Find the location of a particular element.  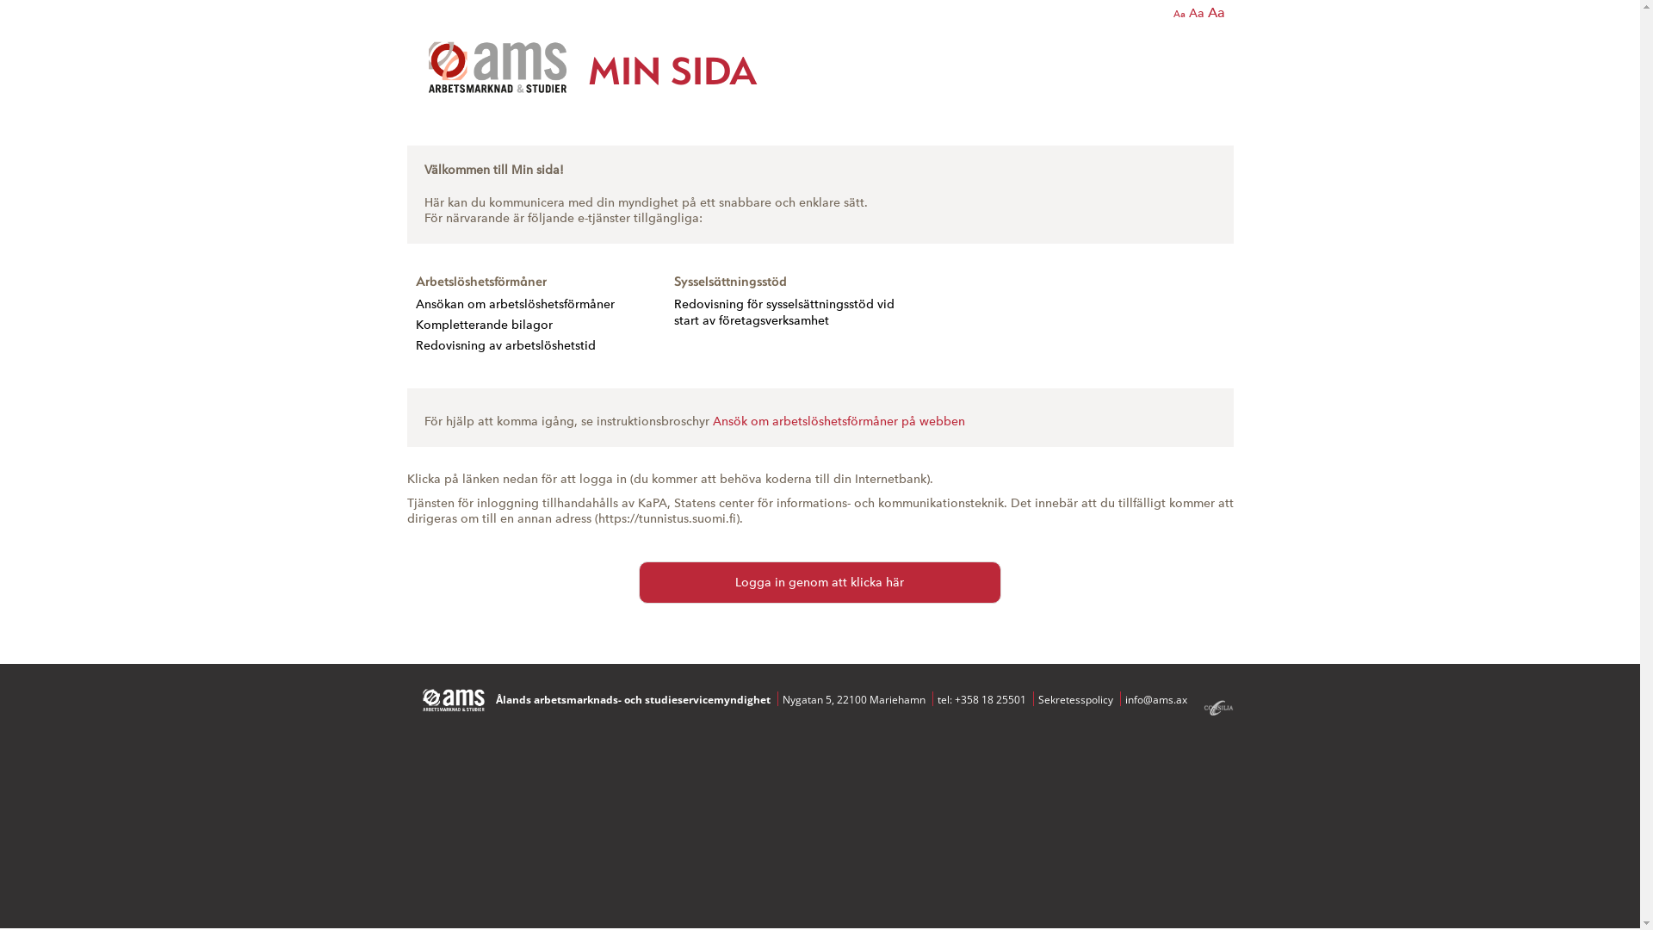

'Aa' is located at coordinates (1194, 13).